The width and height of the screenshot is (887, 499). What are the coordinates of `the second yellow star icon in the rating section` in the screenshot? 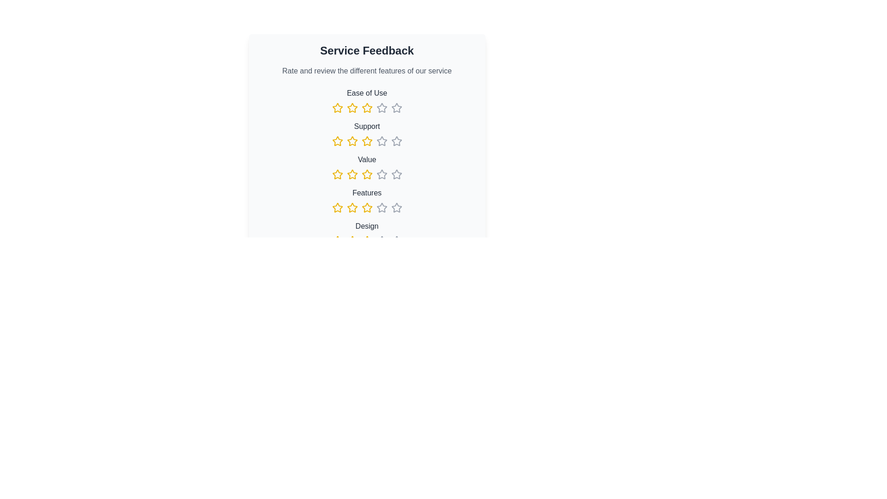 It's located at (352, 175).